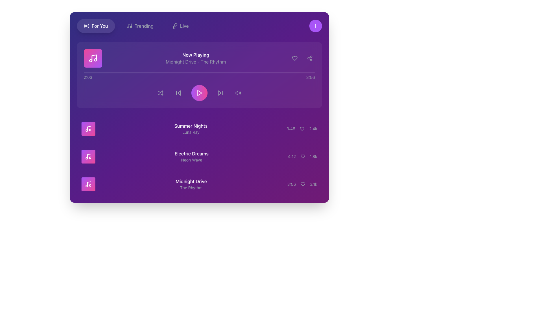 The image size is (555, 312). What do you see at coordinates (302, 129) in the screenshot?
I see `the heart-shaped button icon` at bounding box center [302, 129].